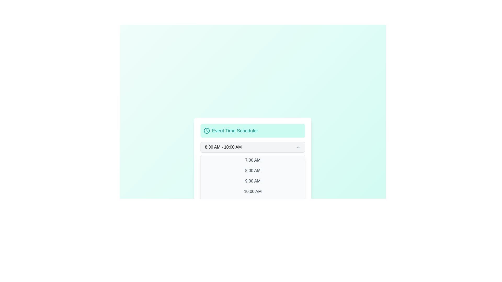  What do you see at coordinates (253, 160) in the screenshot?
I see `the first item in the dropdown list` at bounding box center [253, 160].